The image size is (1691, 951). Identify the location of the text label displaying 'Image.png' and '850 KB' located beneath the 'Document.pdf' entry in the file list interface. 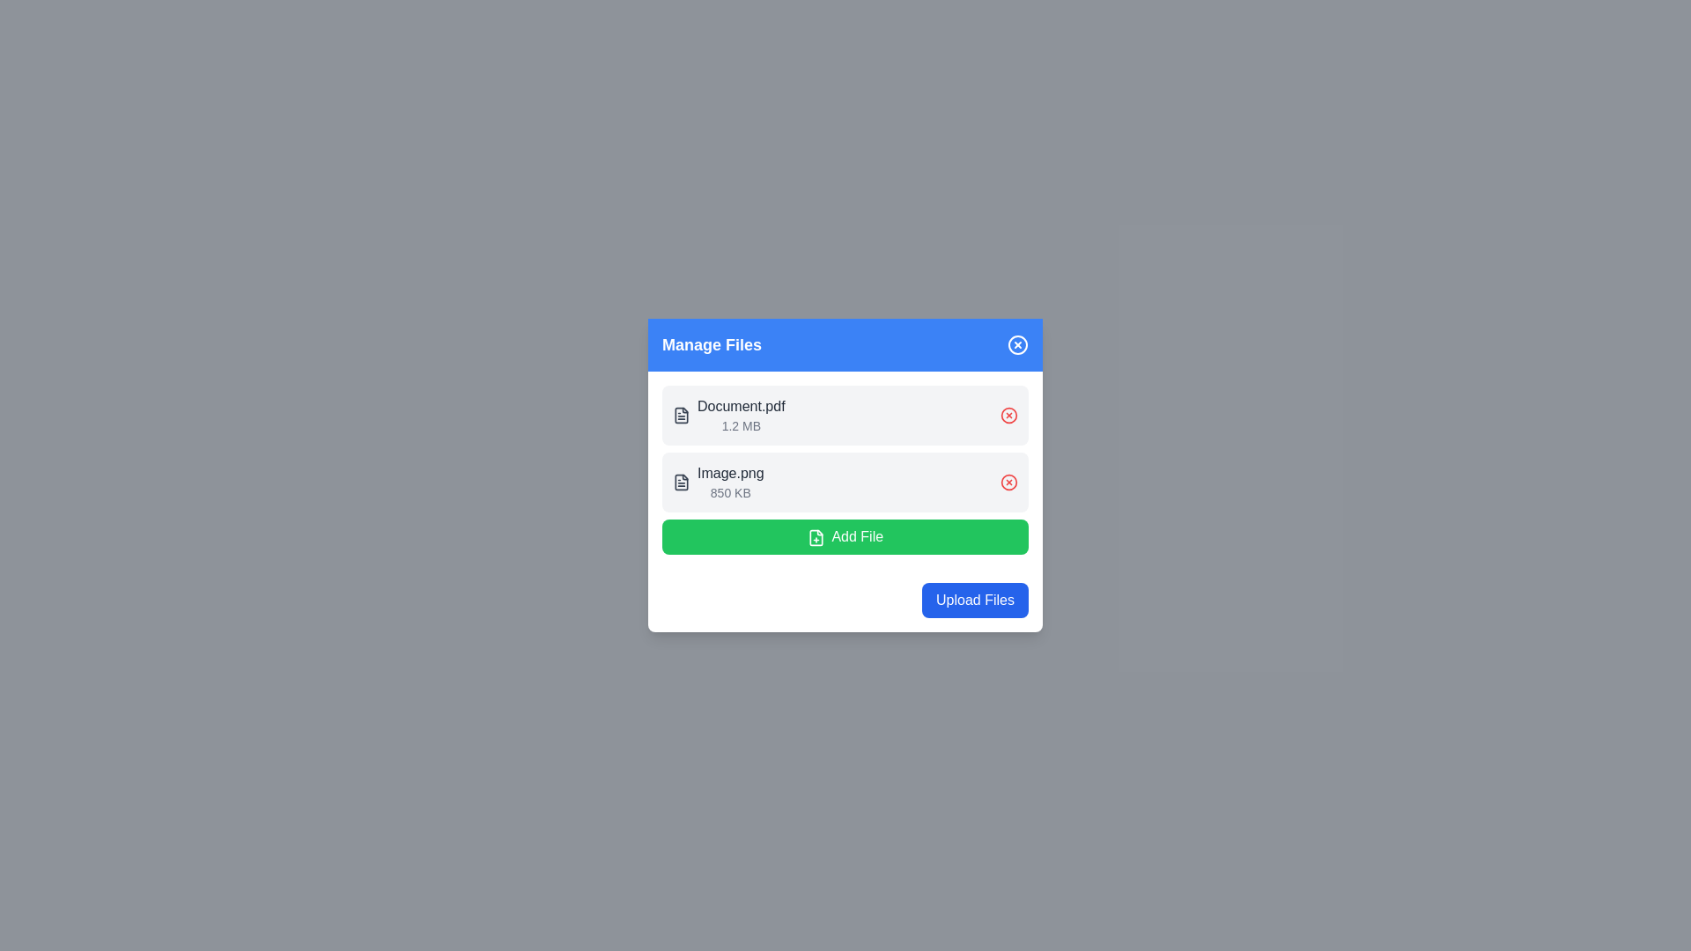
(730, 482).